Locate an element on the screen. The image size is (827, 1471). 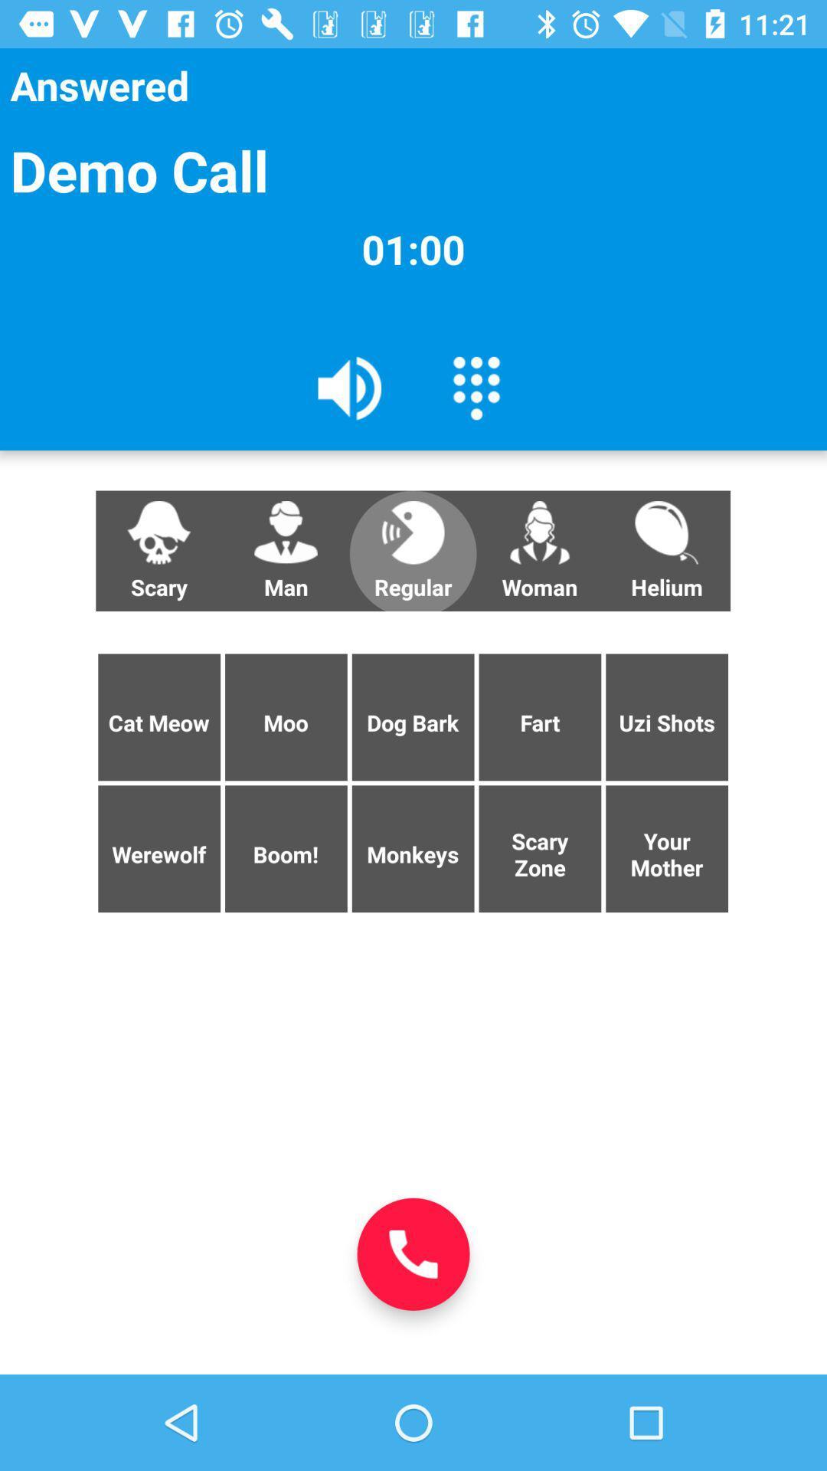
the man button is located at coordinates (286, 551).